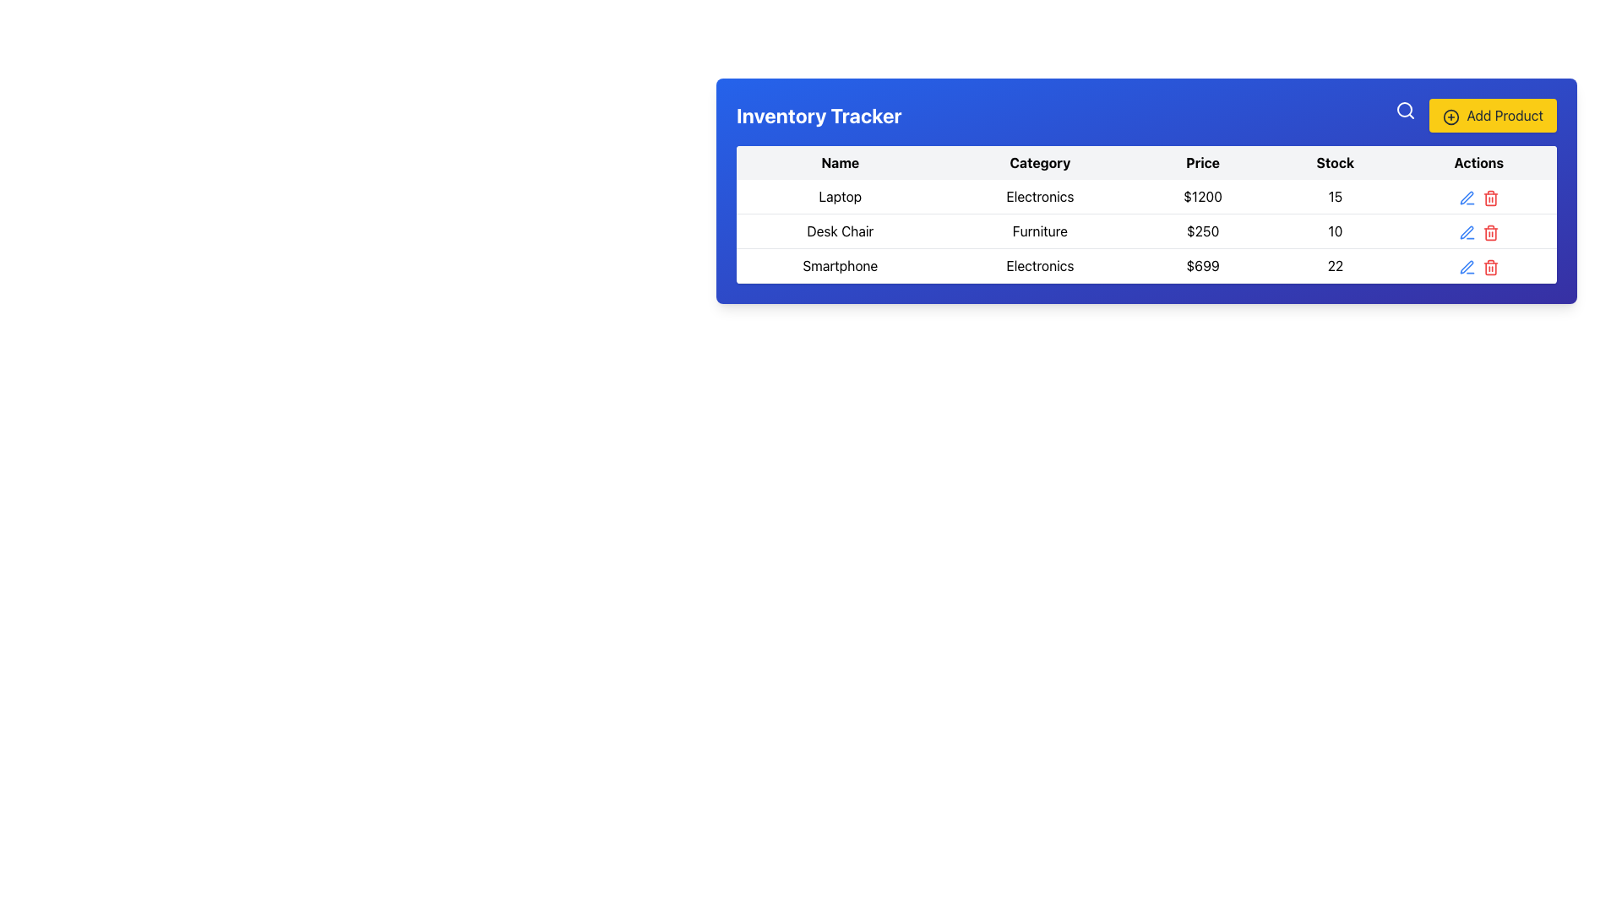 The width and height of the screenshot is (1622, 912). What do you see at coordinates (1490, 266) in the screenshot?
I see `the red-colored trash bin icon located in the last cell of the last row under the 'Actions' column` at bounding box center [1490, 266].